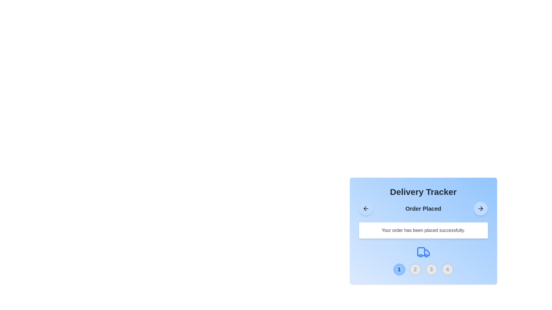 Image resolution: width=552 pixels, height=310 pixels. Describe the element at coordinates (431, 269) in the screenshot. I see `the third circular button in the 'Delivery Tracker' interface` at that location.